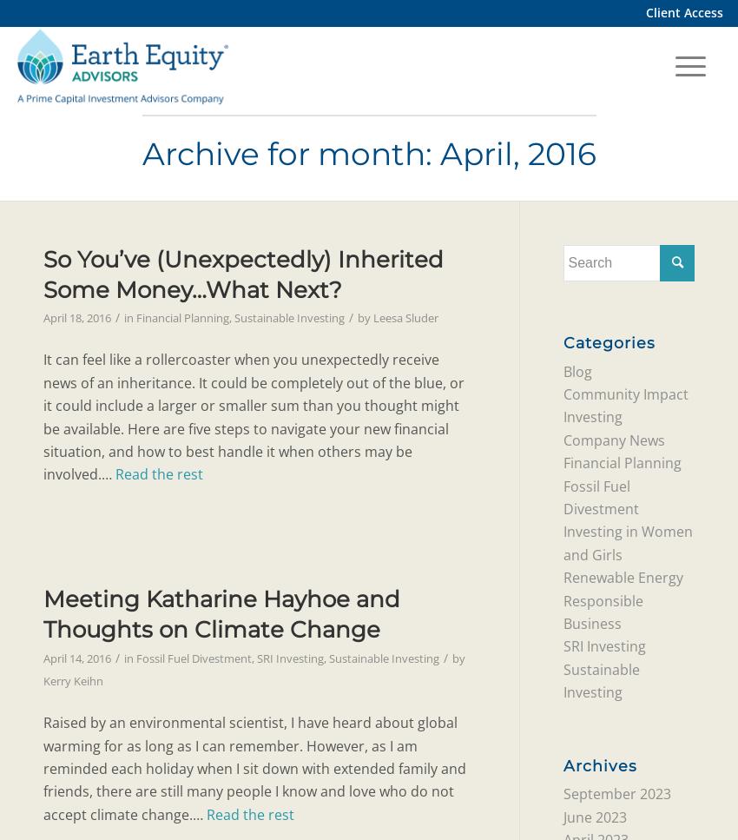 The width and height of the screenshot is (738, 840). Describe the element at coordinates (253, 417) in the screenshot. I see `'It can feel like a rollercoaster when you unexpectedly receive news of an inheritance. It could be completely out of the blue, or it could include a larger or smaller sum than you thought might be available. Here are five steps to navigate your new financial situation, and how to best handle it when others may be involved.…'` at that location.